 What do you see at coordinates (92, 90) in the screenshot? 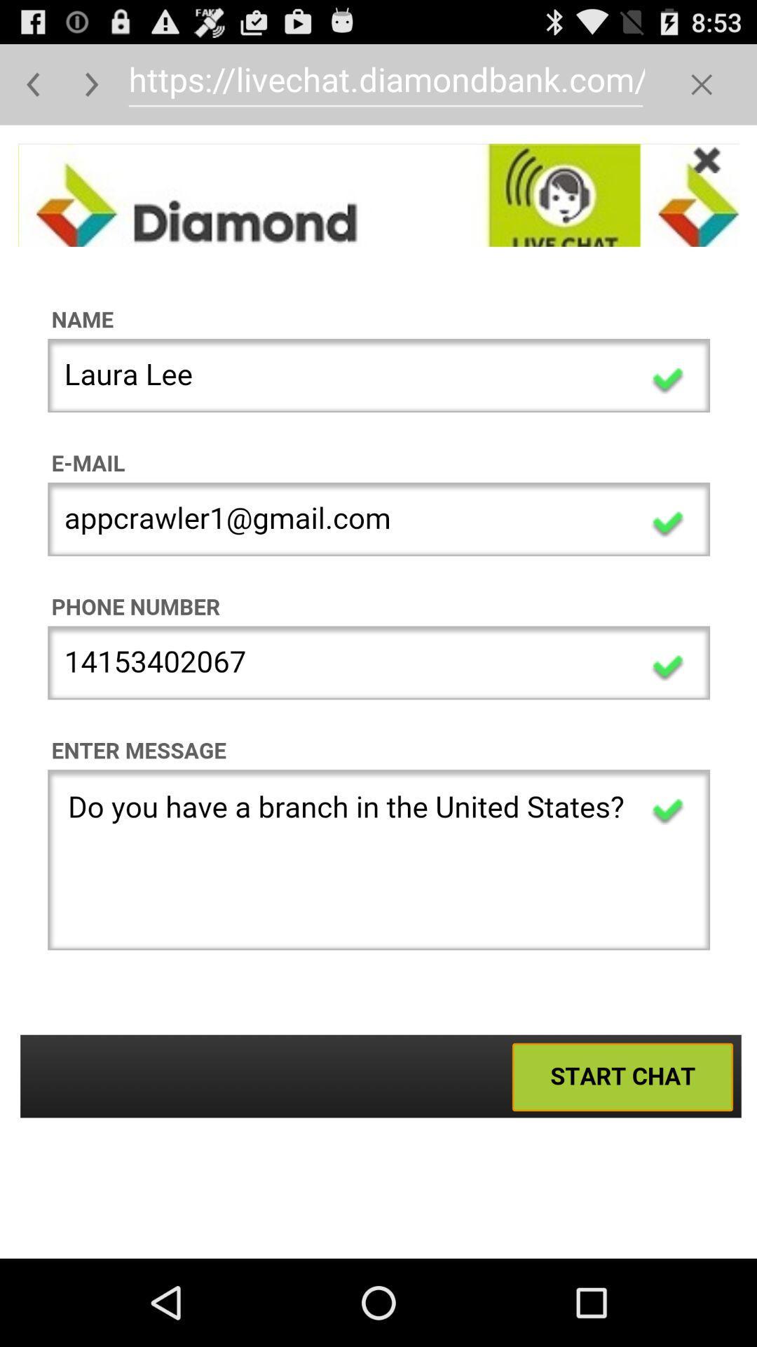
I see `the arrow_forward icon` at bounding box center [92, 90].